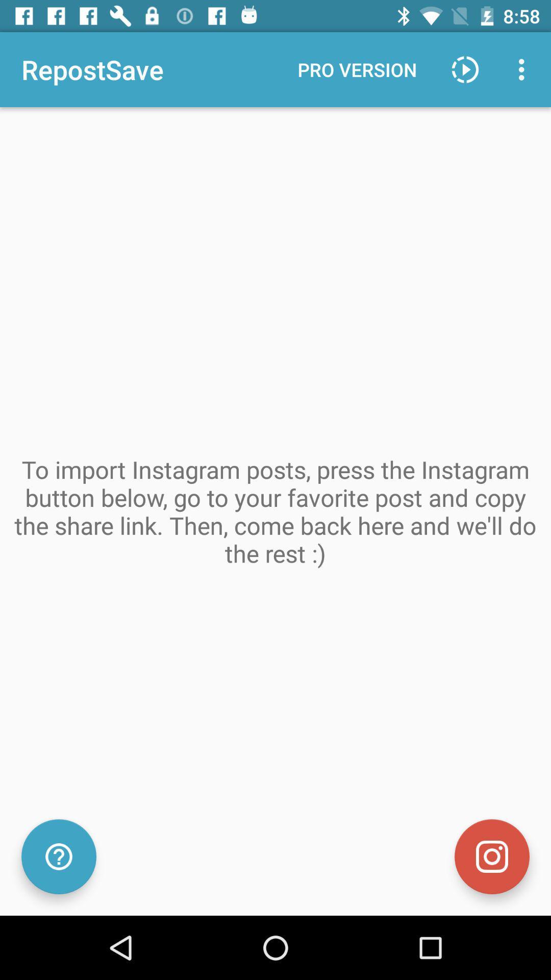  I want to click on open instagram, so click(491, 856).